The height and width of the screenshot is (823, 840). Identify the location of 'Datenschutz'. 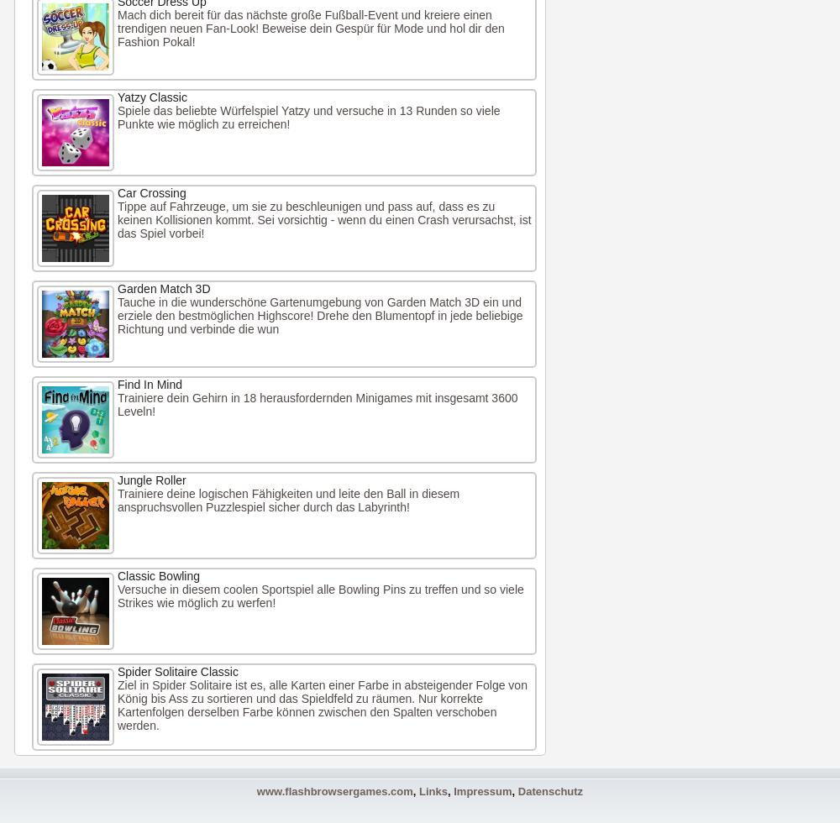
(550, 791).